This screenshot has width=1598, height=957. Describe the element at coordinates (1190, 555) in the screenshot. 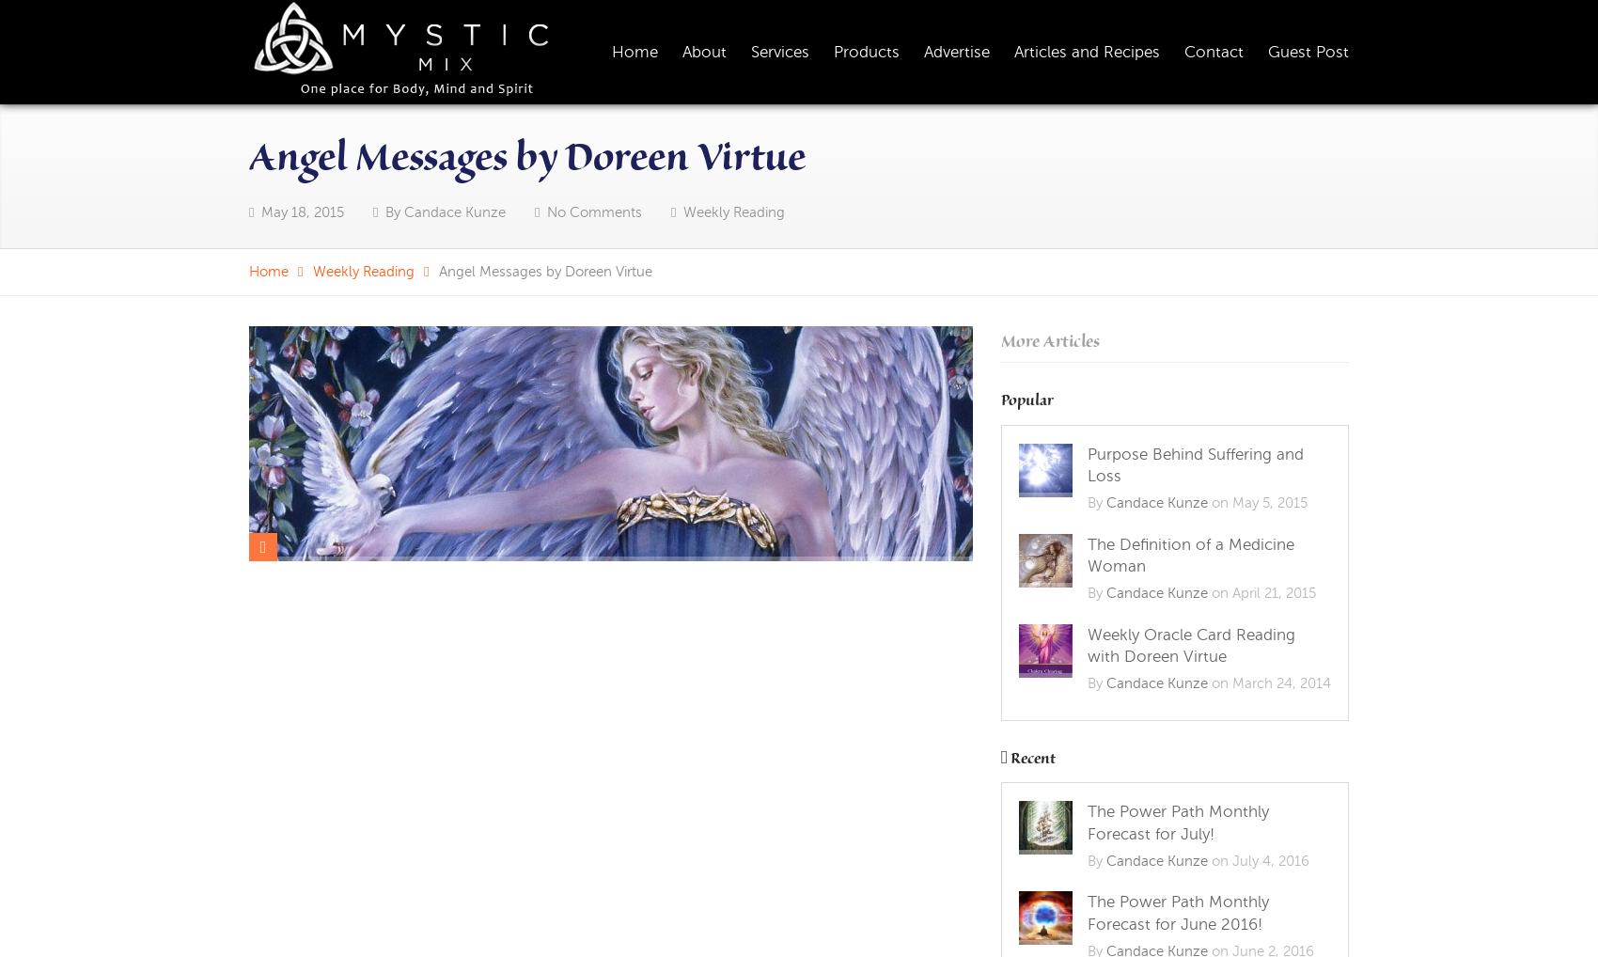

I see `'The Definition of a Medicine Woman'` at that location.